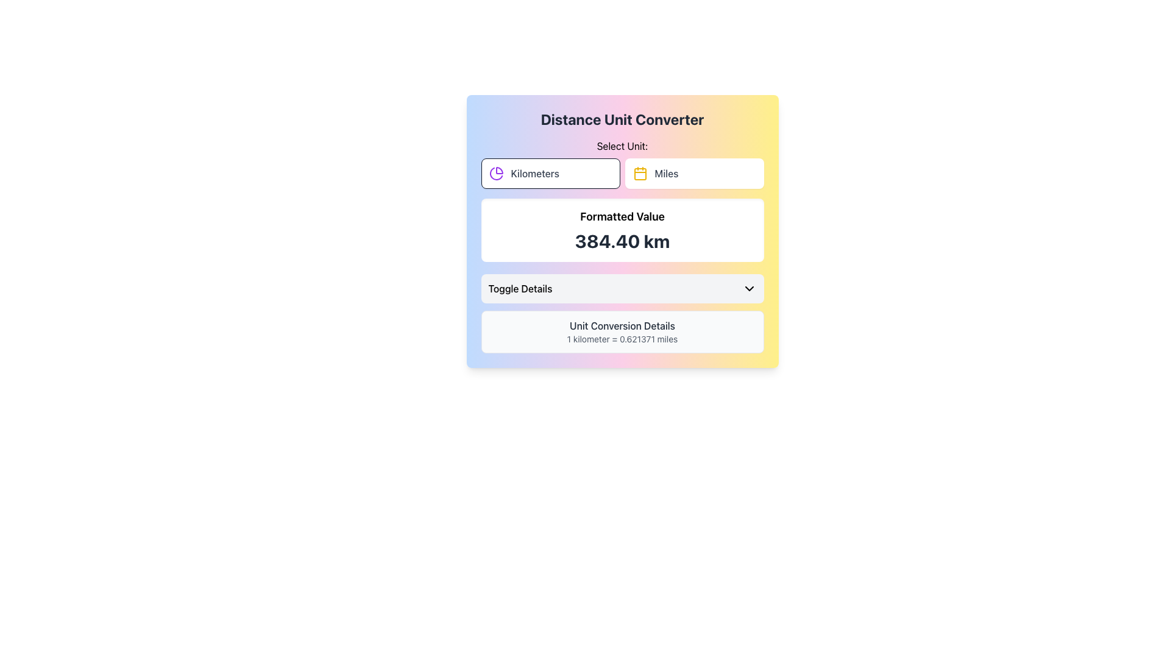  What do you see at coordinates (622, 163) in the screenshot?
I see `the 'Miles' option in the segmented control for distance measurement selection, positioned above the '384.40 km' value` at bounding box center [622, 163].